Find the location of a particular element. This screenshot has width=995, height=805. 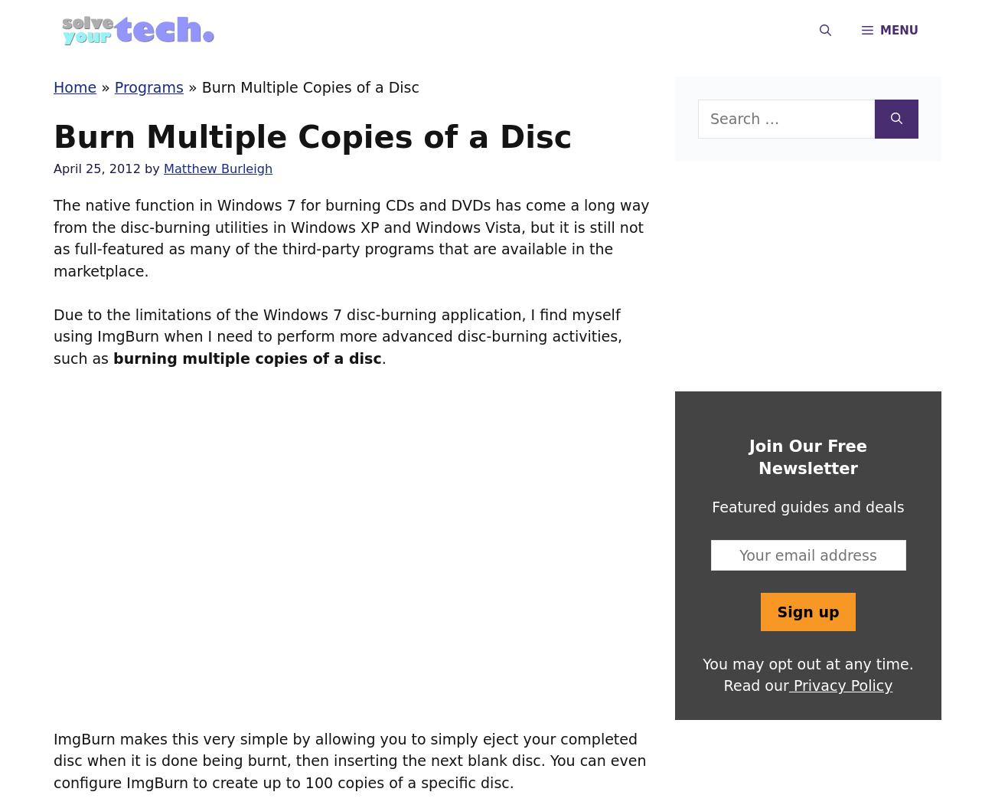

'Menu' is located at coordinates (899, 31).